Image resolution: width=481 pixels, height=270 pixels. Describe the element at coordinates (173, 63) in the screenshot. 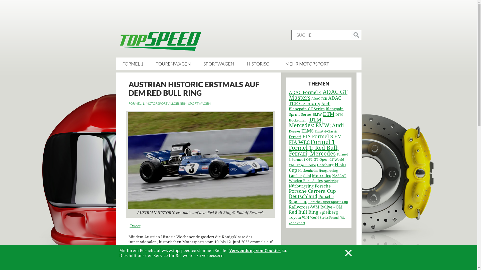

I see `'TOURENWAGEN'` at that location.